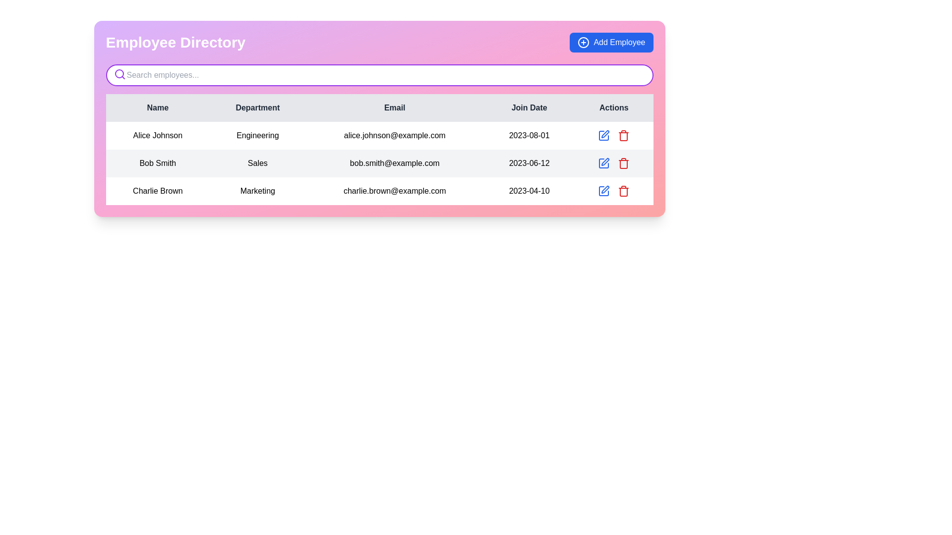 This screenshot has height=535, width=952. What do you see at coordinates (257, 135) in the screenshot?
I see `the text label displaying 'Engineering' located in the second column of the row associated with 'Alice Johnson'` at bounding box center [257, 135].